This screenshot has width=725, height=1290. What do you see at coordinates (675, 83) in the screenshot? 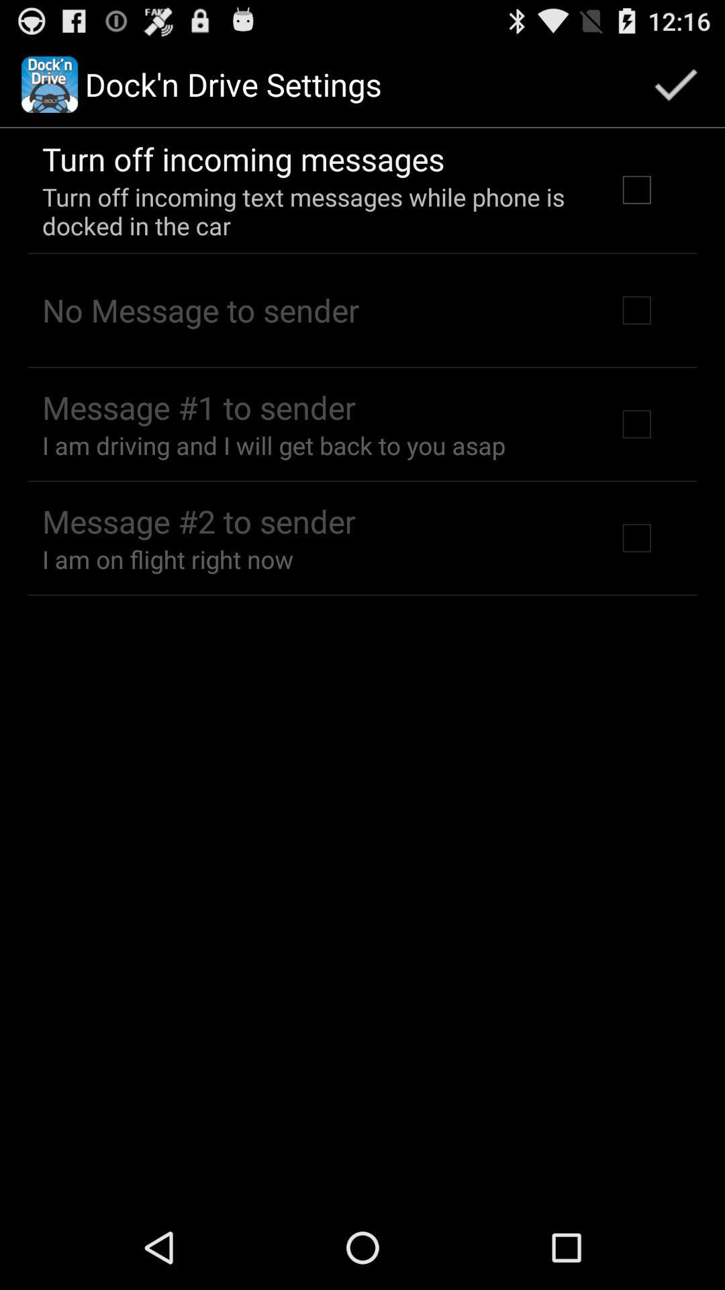
I see `icon next to turn off incoming app` at bounding box center [675, 83].